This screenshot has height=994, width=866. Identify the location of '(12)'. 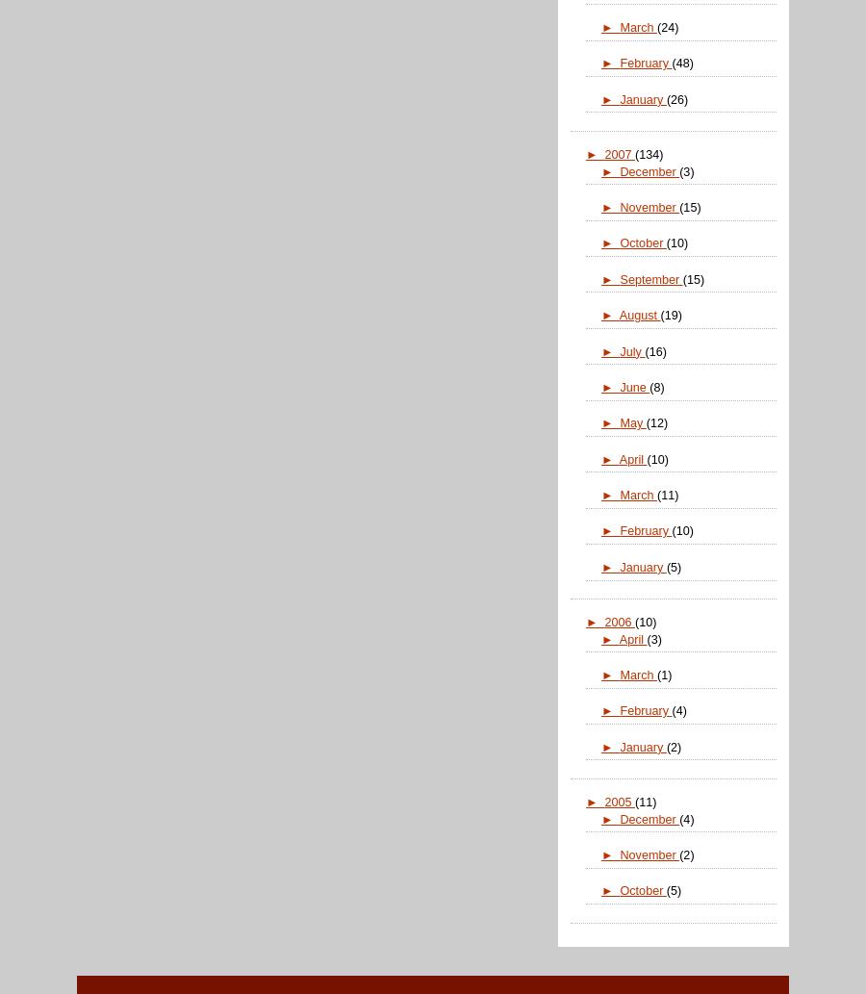
(655, 422).